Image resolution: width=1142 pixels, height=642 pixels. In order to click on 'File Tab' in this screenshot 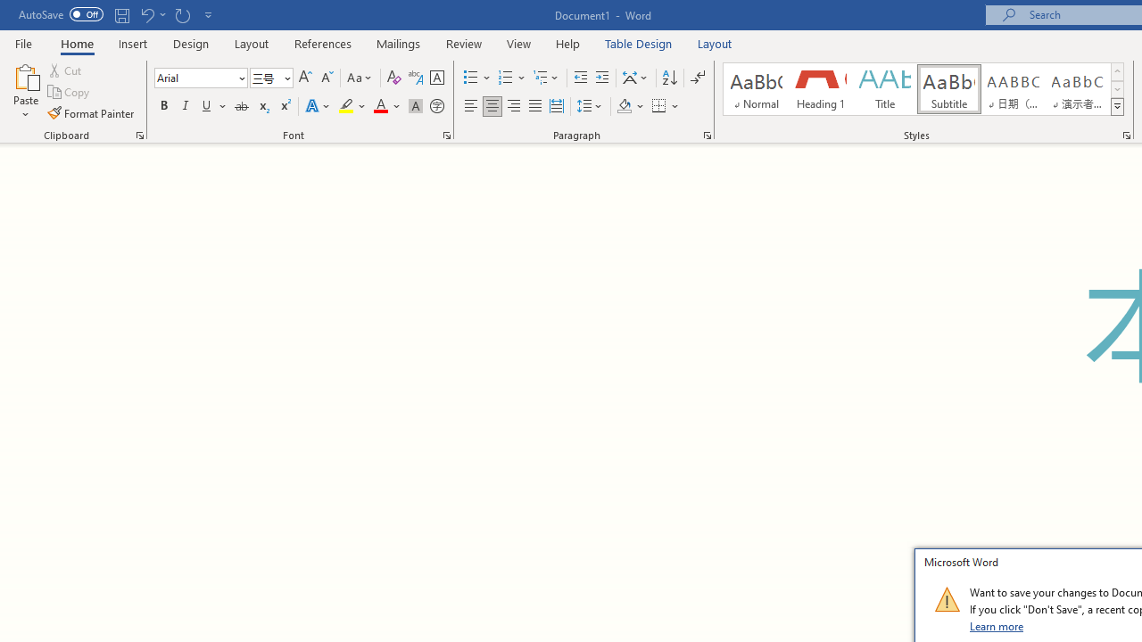, I will do `click(23, 42)`.